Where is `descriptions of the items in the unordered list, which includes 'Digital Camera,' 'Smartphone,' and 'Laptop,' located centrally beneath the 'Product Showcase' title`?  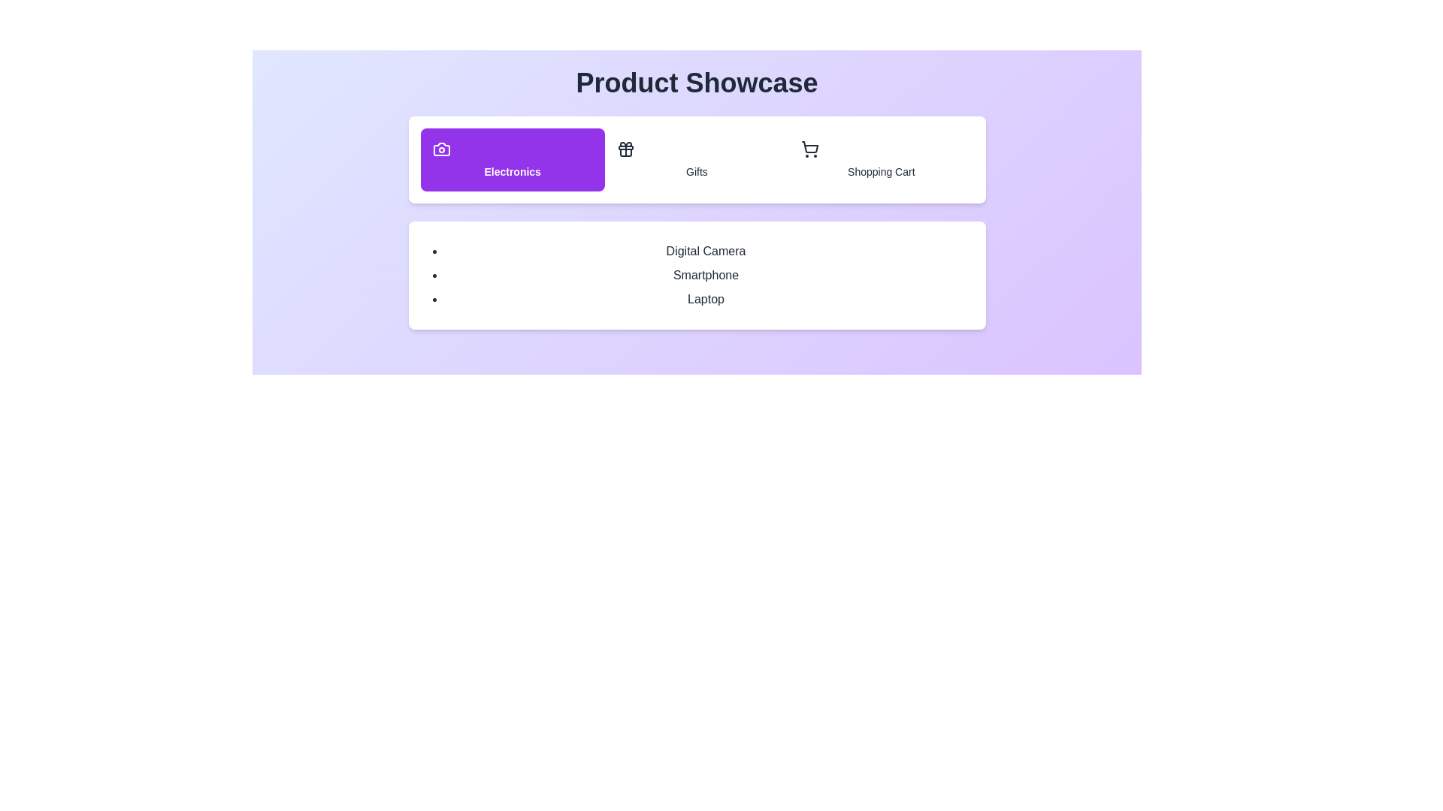 descriptions of the items in the unordered list, which includes 'Digital Camera,' 'Smartphone,' and 'Laptop,' located centrally beneath the 'Product Showcase' title is located at coordinates (696, 275).